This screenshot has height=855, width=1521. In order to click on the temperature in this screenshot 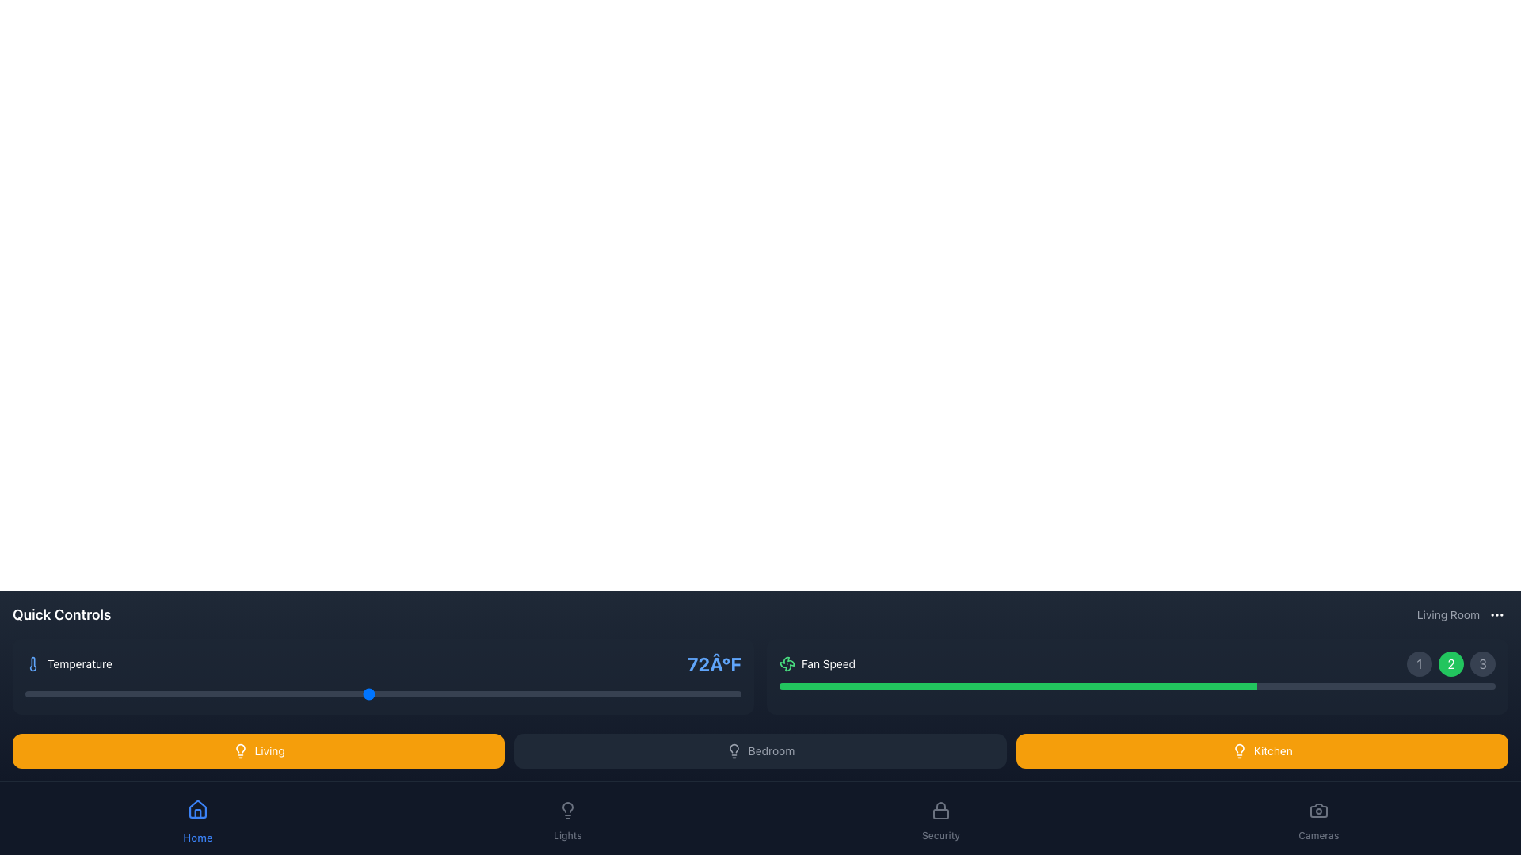, I will do `click(54, 693)`.